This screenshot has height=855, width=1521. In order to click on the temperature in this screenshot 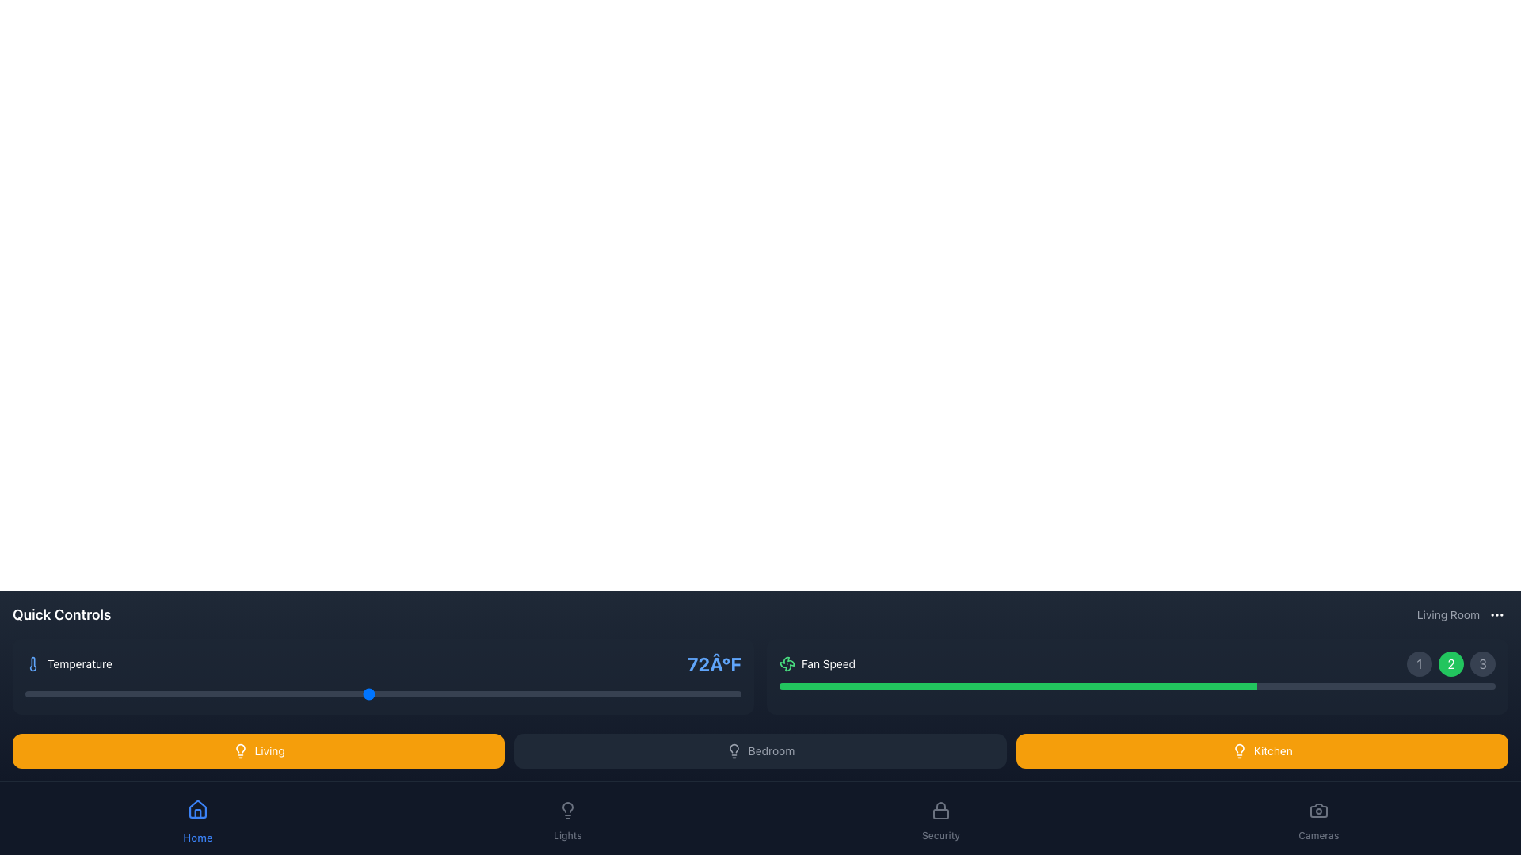, I will do `click(54, 693)`.